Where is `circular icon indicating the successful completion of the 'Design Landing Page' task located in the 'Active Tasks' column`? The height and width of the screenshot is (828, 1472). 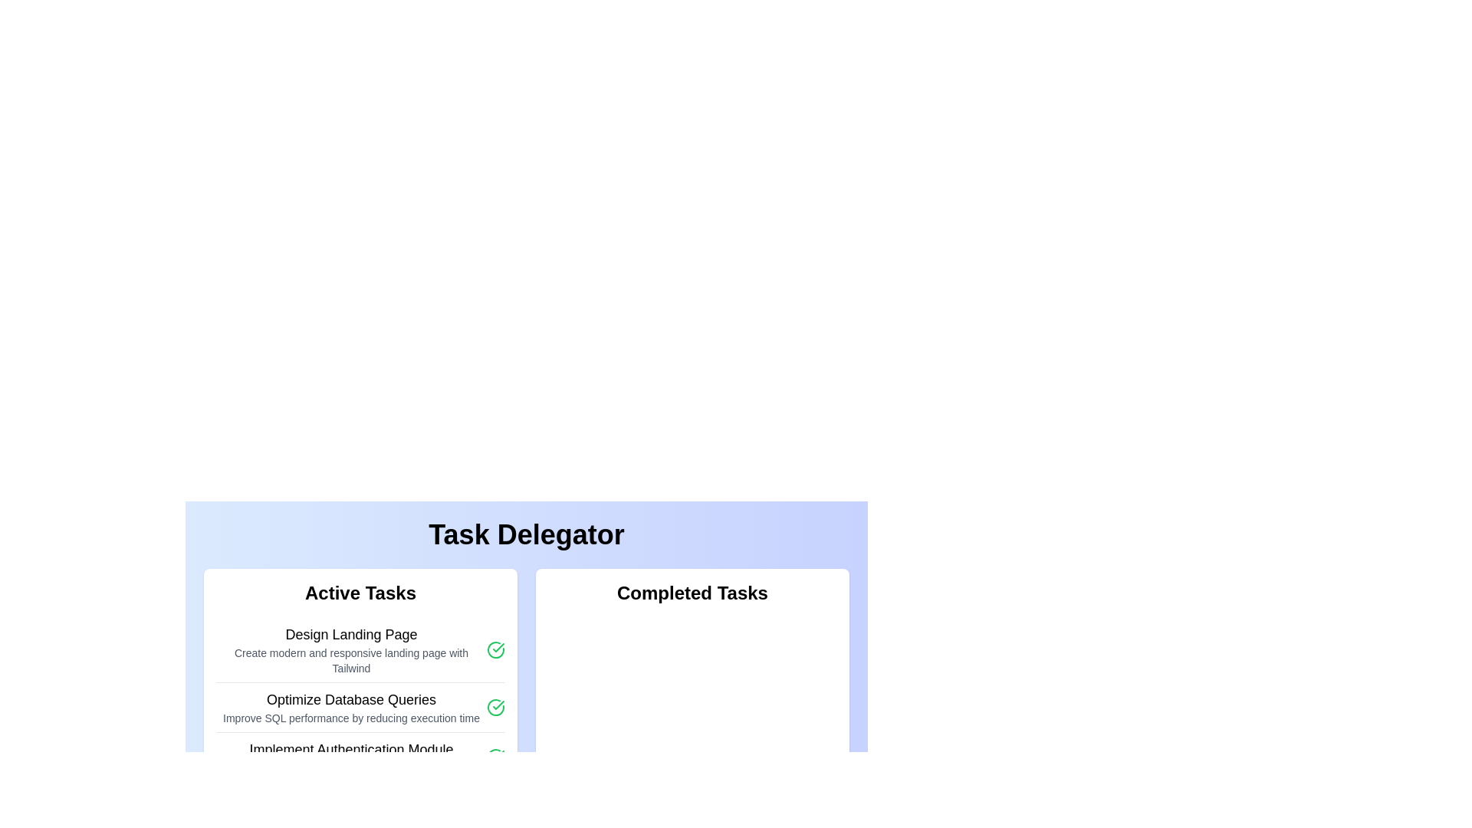
circular icon indicating the successful completion of the 'Design Landing Page' task located in the 'Active Tasks' column is located at coordinates (498, 705).